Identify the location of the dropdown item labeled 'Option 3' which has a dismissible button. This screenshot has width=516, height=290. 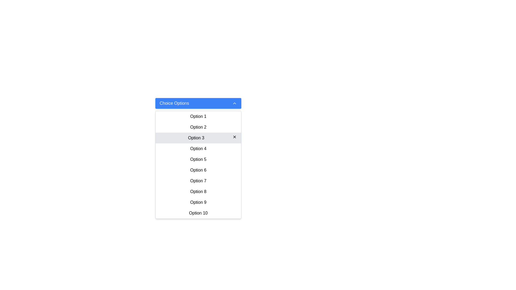
(198, 137).